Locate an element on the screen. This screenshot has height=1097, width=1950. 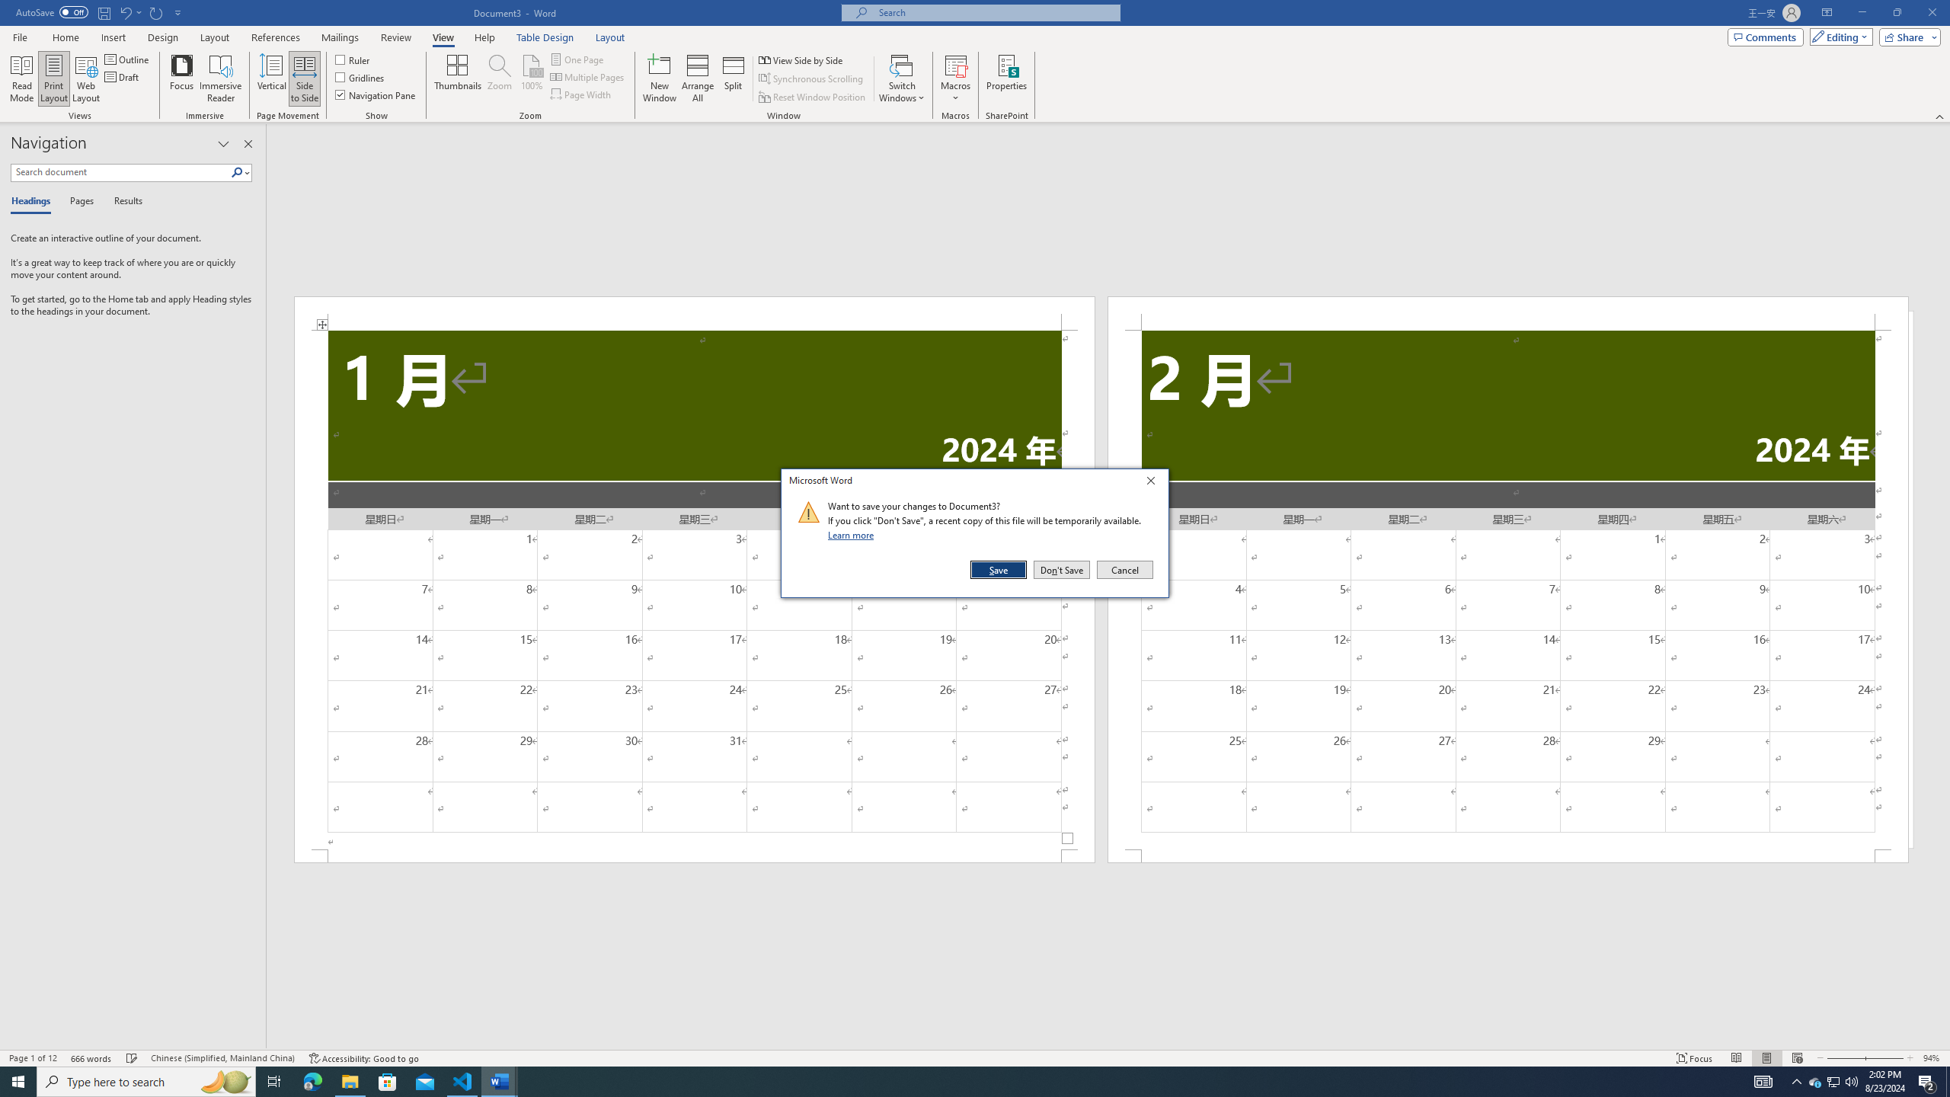
'Ruler' is located at coordinates (353, 59).